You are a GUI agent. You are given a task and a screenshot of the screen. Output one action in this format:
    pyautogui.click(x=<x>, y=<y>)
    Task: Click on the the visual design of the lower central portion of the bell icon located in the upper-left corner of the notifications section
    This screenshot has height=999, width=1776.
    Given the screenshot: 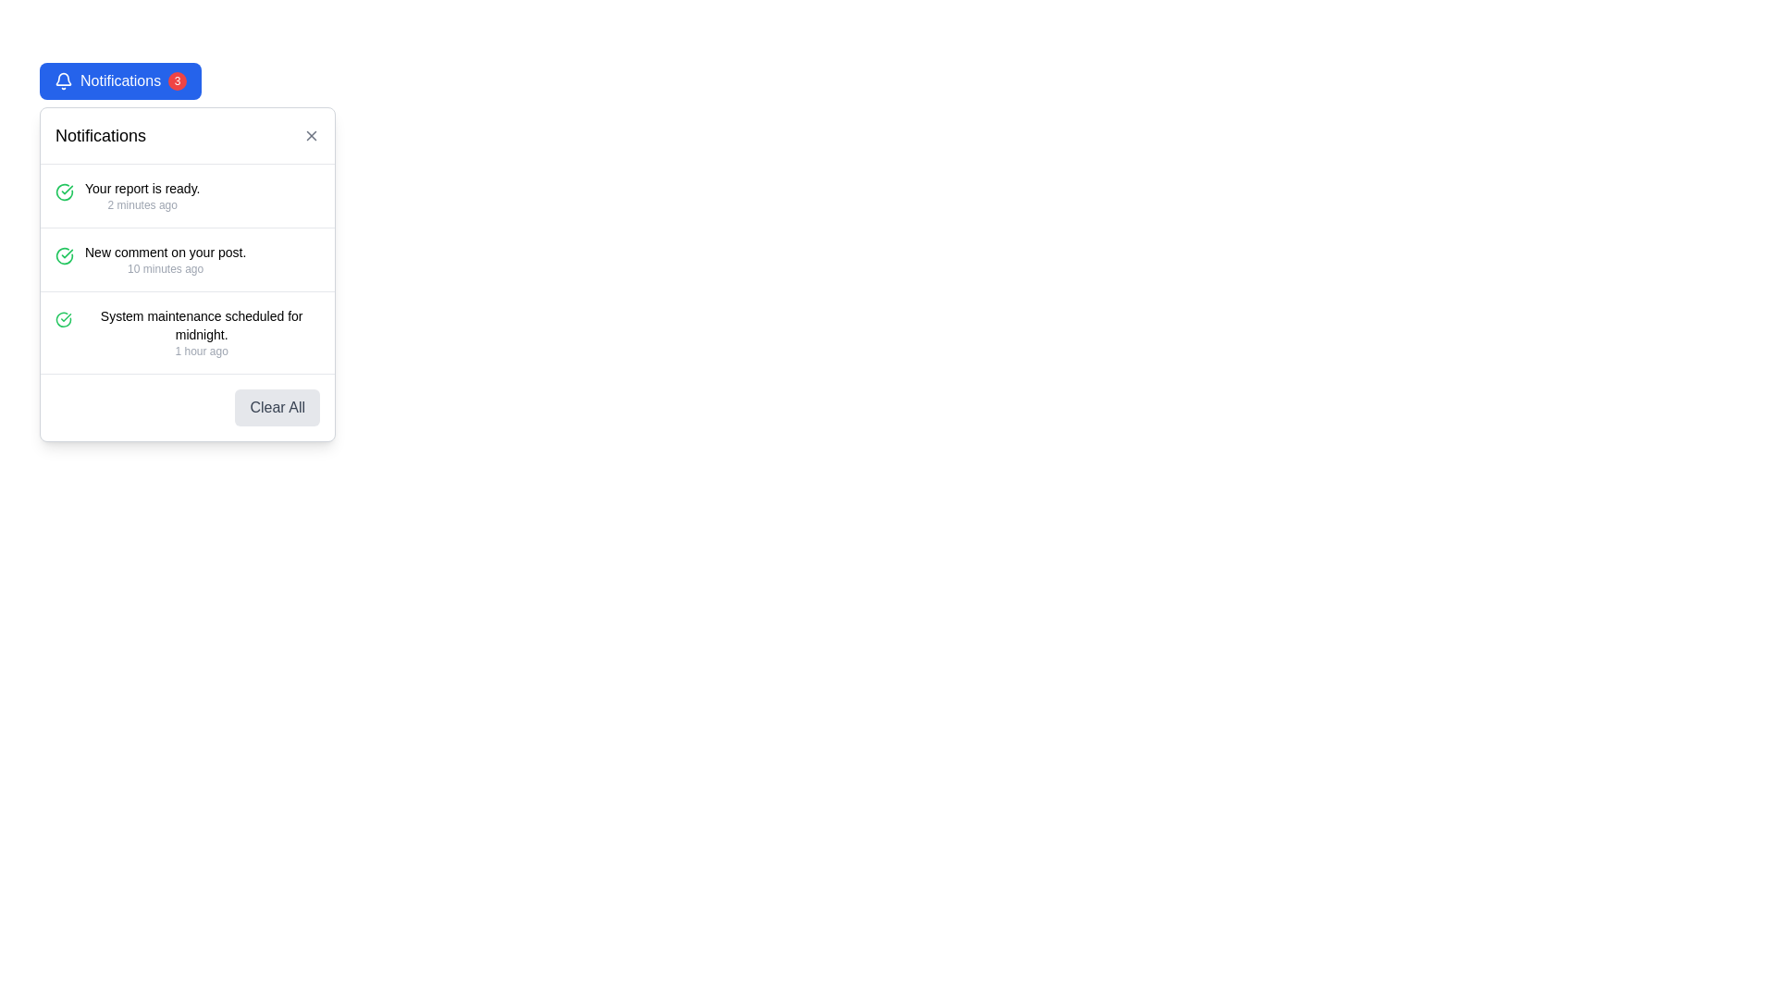 What is the action you would take?
    pyautogui.click(x=63, y=78)
    